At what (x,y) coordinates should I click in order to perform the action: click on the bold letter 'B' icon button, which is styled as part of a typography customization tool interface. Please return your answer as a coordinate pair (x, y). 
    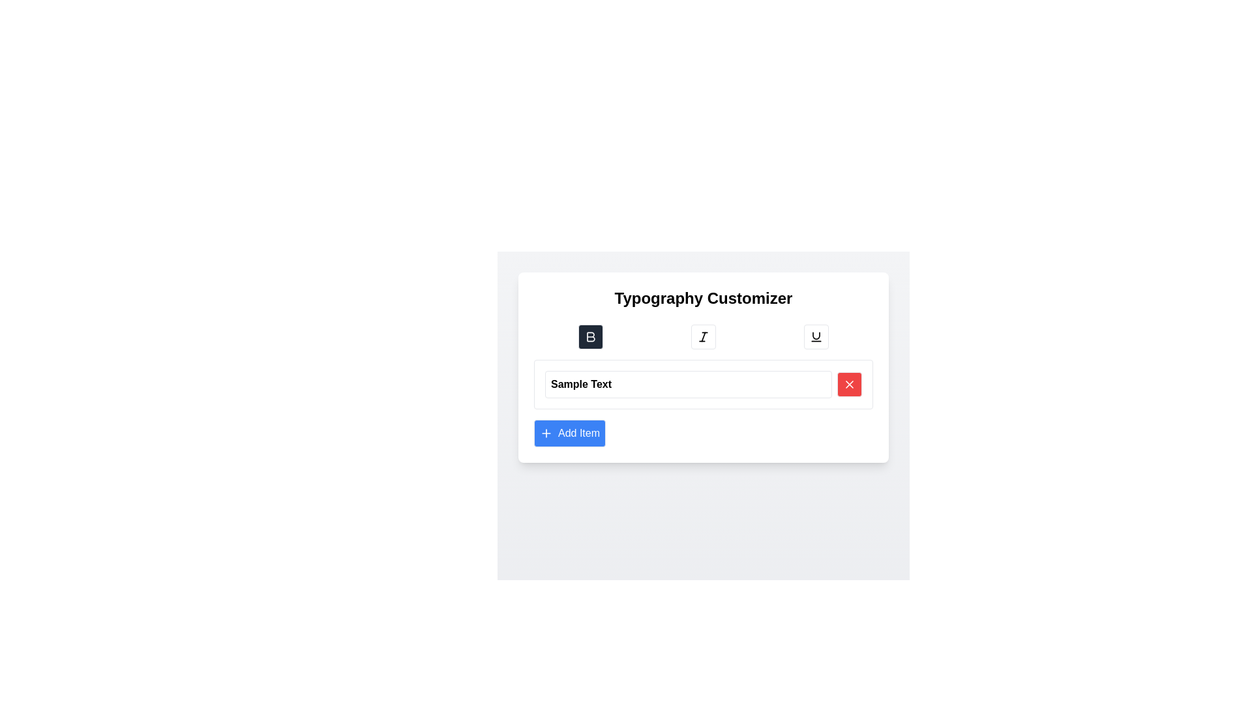
    Looking at the image, I should click on (590, 336).